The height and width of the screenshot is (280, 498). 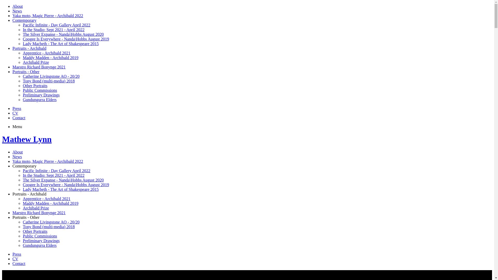 I want to click on 'Lady Macbeth - The Art of Shakespeare 2015', so click(x=61, y=189).